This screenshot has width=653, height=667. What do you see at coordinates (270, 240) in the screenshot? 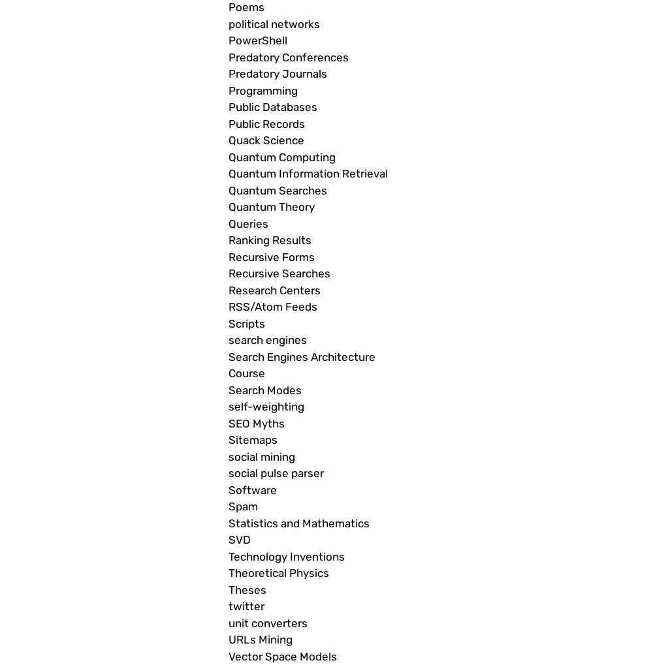
I see `'Ranking Results'` at bounding box center [270, 240].